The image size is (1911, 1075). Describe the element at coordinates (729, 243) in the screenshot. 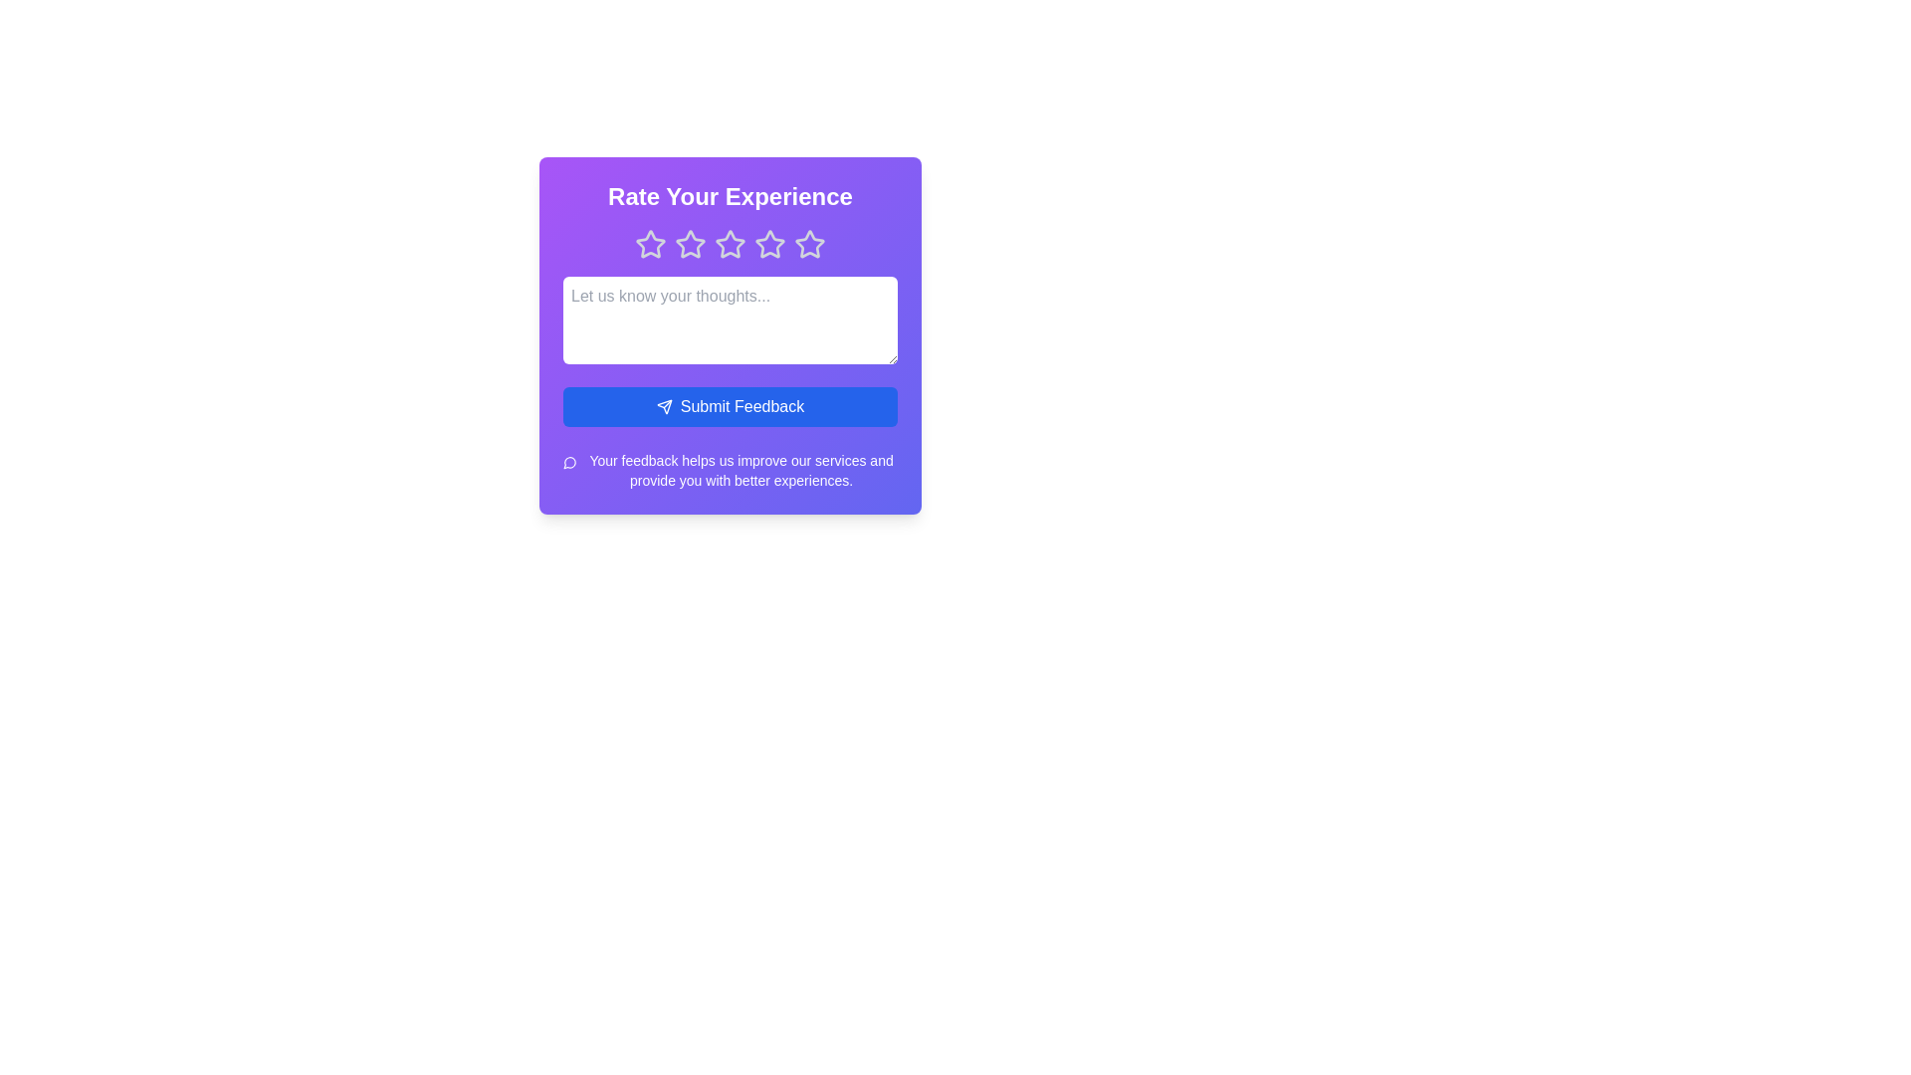

I see `the third star in the star rating component` at that location.